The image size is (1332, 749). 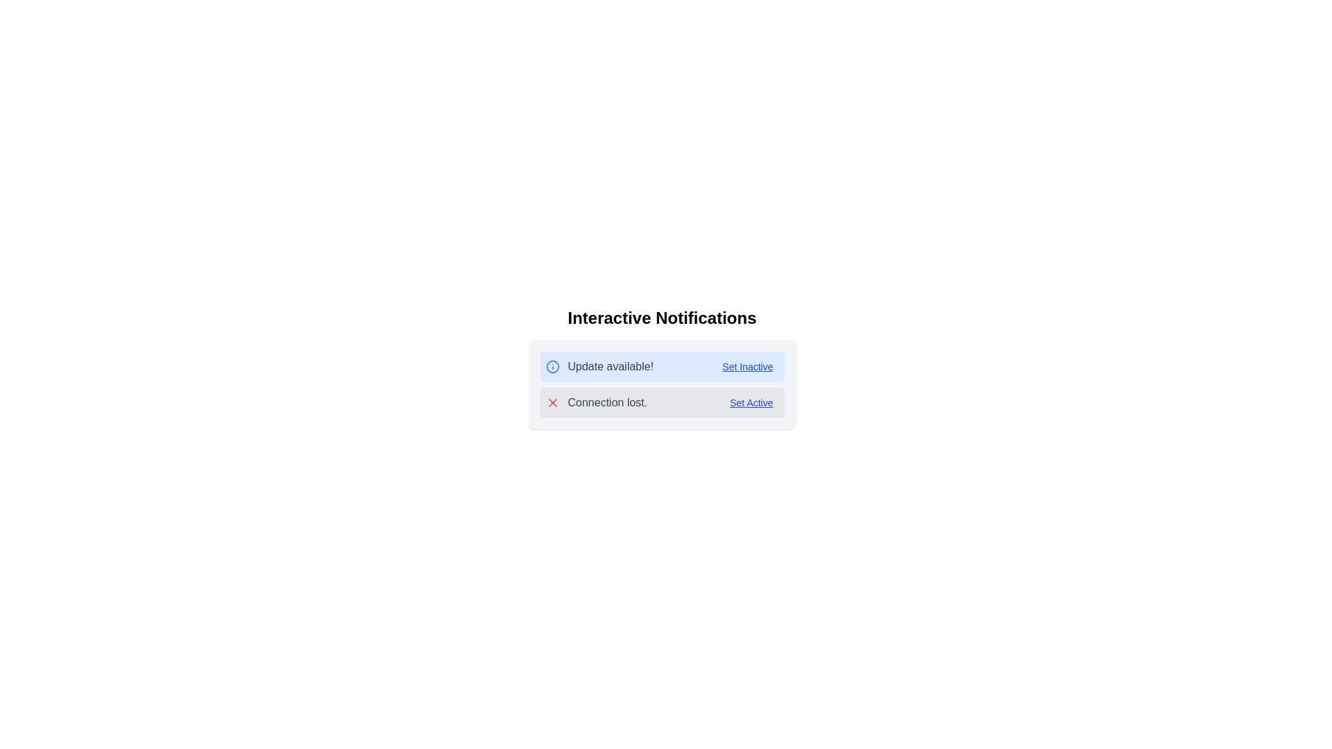 I want to click on the hyperlink styled as a button located at the right end of the notification bar with the message 'Update available!' to set the associated notification as inactive, so click(x=746, y=365).